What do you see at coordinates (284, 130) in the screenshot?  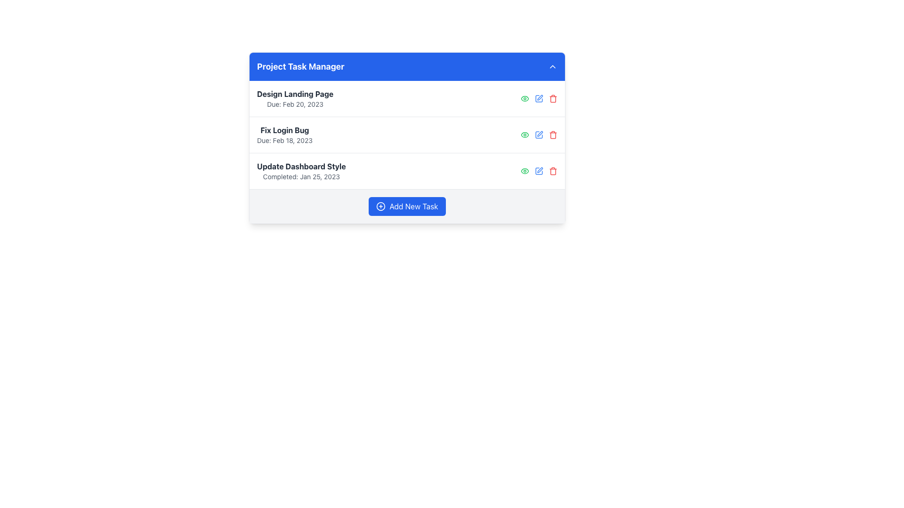 I see `bolded text label that says 'Fix Login Bug' located in the second task item of the 'Project Task Manager' section` at bounding box center [284, 130].